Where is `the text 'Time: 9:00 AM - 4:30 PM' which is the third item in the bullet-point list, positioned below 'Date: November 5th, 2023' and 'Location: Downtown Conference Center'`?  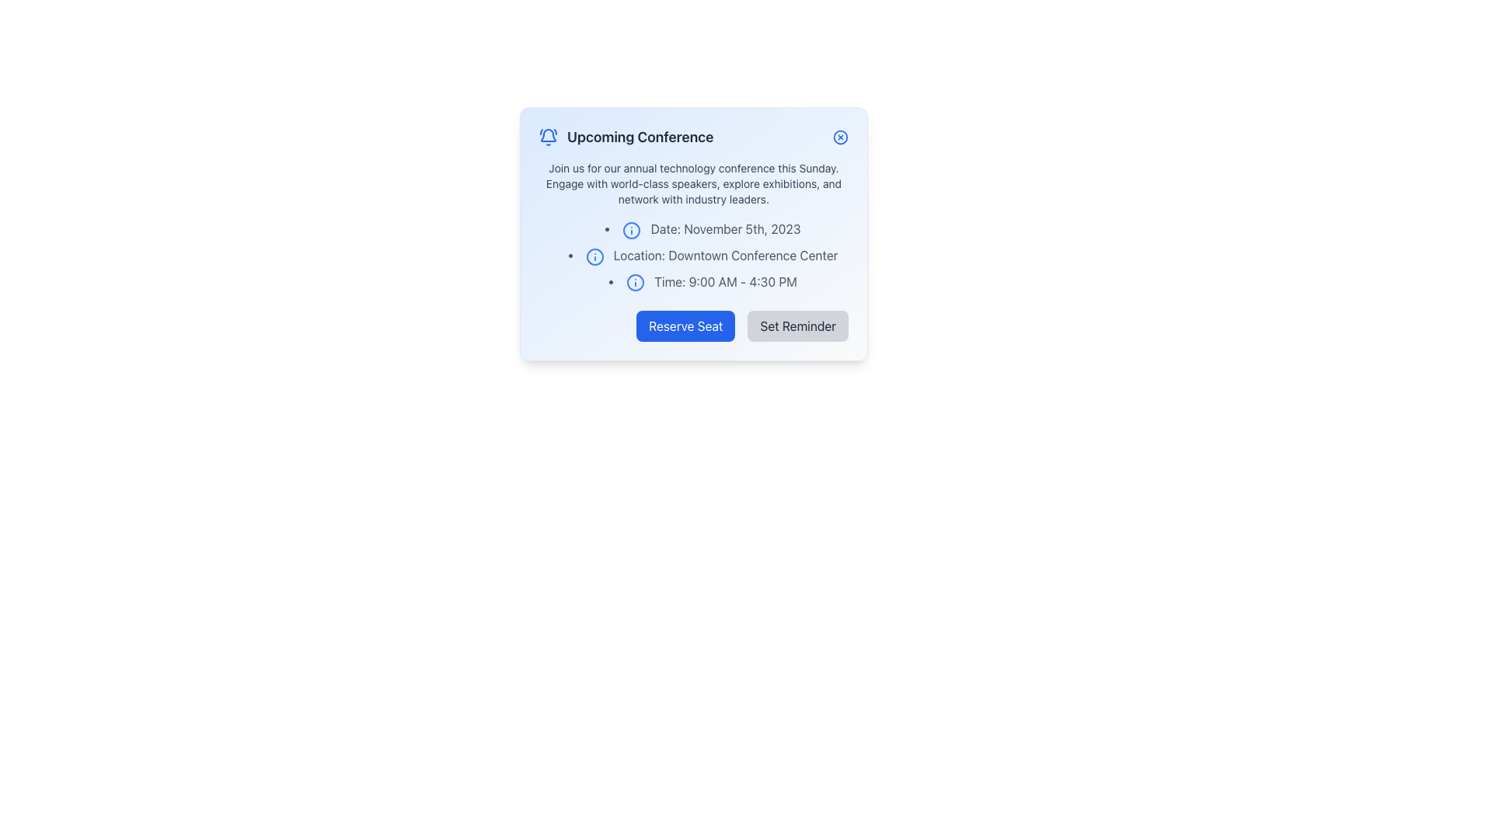 the text 'Time: 9:00 AM - 4:30 PM' which is the third item in the bullet-point list, positioned below 'Date: November 5th, 2023' and 'Location: Downtown Conference Center' is located at coordinates (702, 281).